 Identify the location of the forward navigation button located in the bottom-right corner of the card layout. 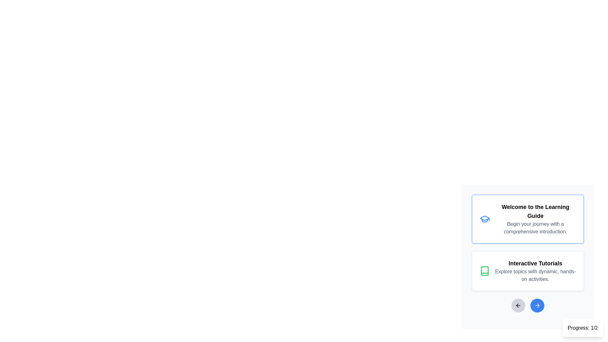
(537, 305).